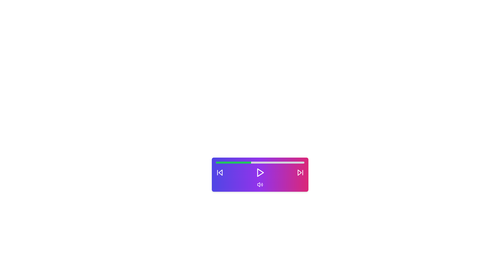  I want to click on the volume to 38 percent, so click(249, 163).